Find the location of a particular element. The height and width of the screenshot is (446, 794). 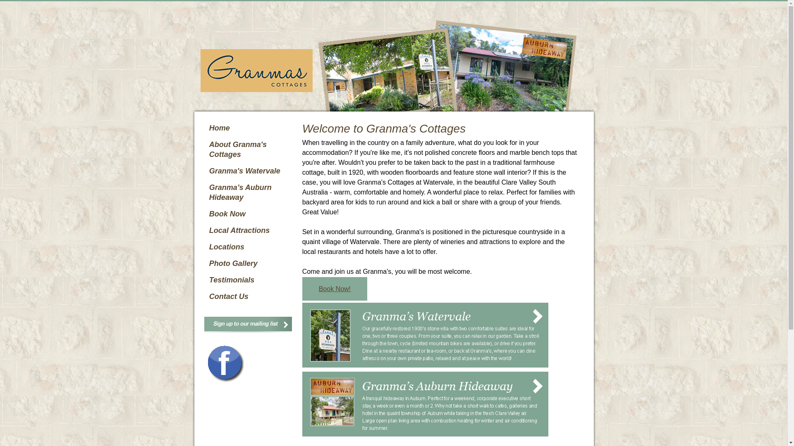

'Testimonials' is located at coordinates (249, 280).